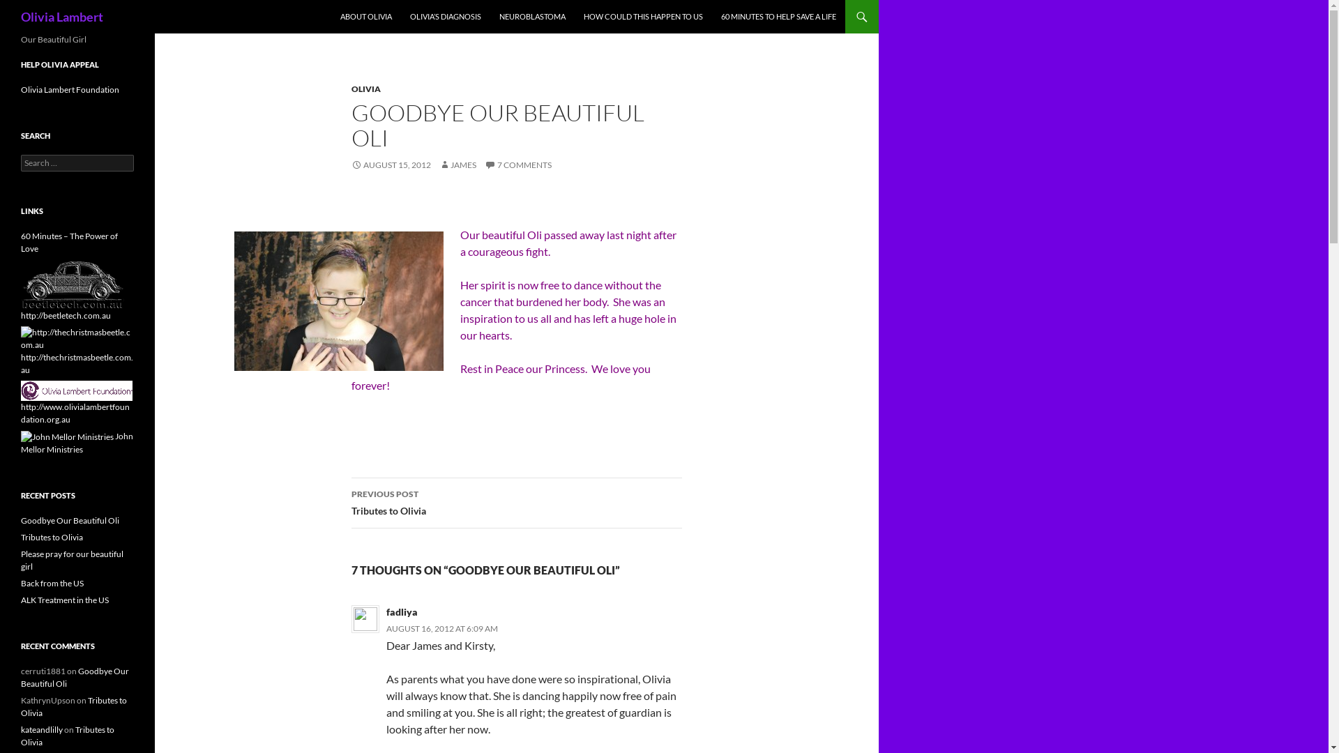 The height and width of the screenshot is (753, 1339). What do you see at coordinates (338, 301) in the screenshot?
I see `'Our Beautiful Angel'` at bounding box center [338, 301].